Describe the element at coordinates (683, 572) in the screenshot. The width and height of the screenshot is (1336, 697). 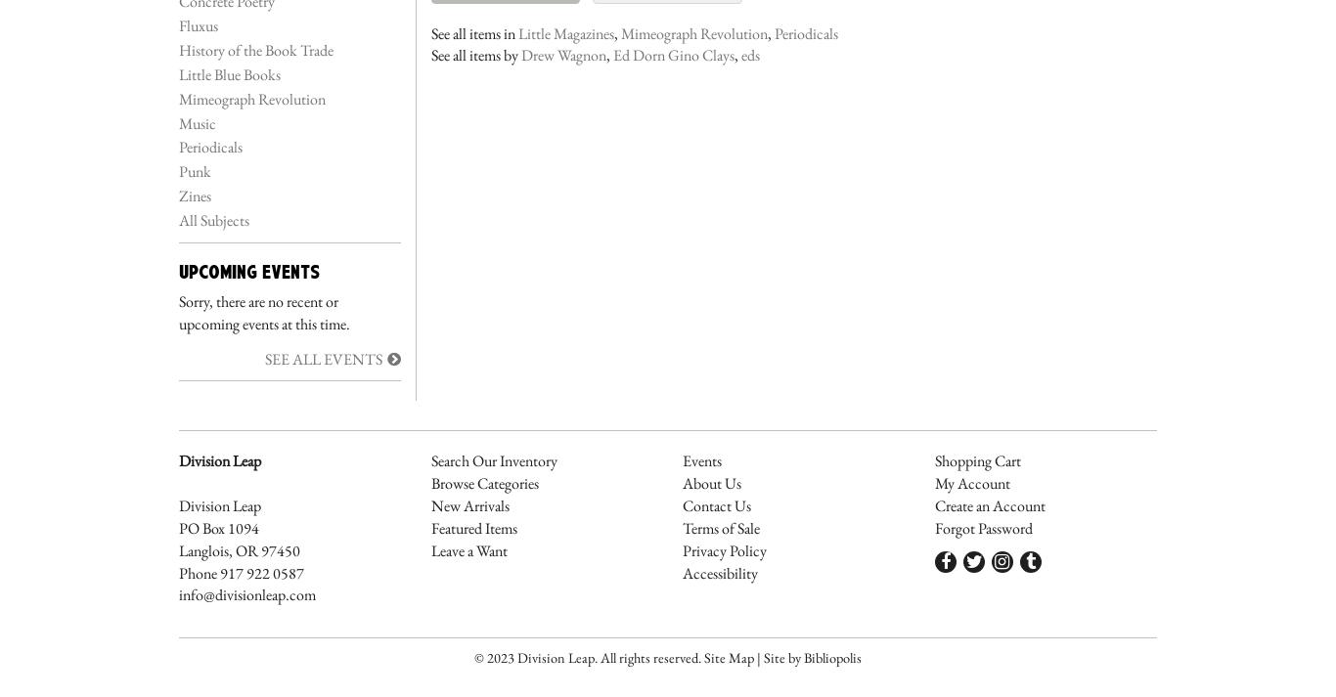
I see `'Accessibility'` at that location.